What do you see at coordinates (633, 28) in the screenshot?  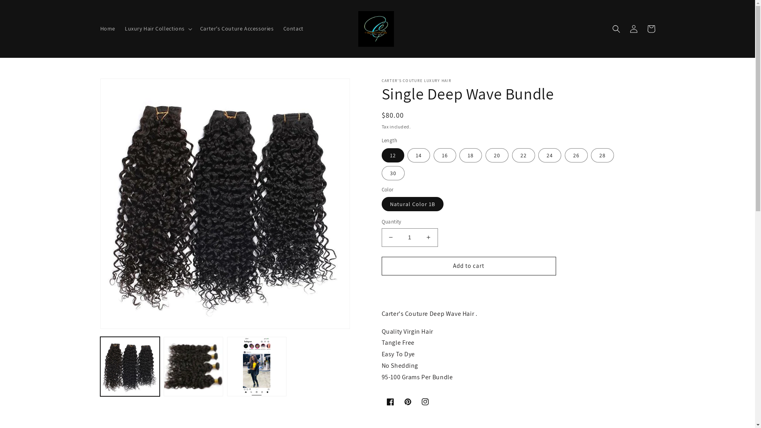 I see `'Log in'` at bounding box center [633, 28].